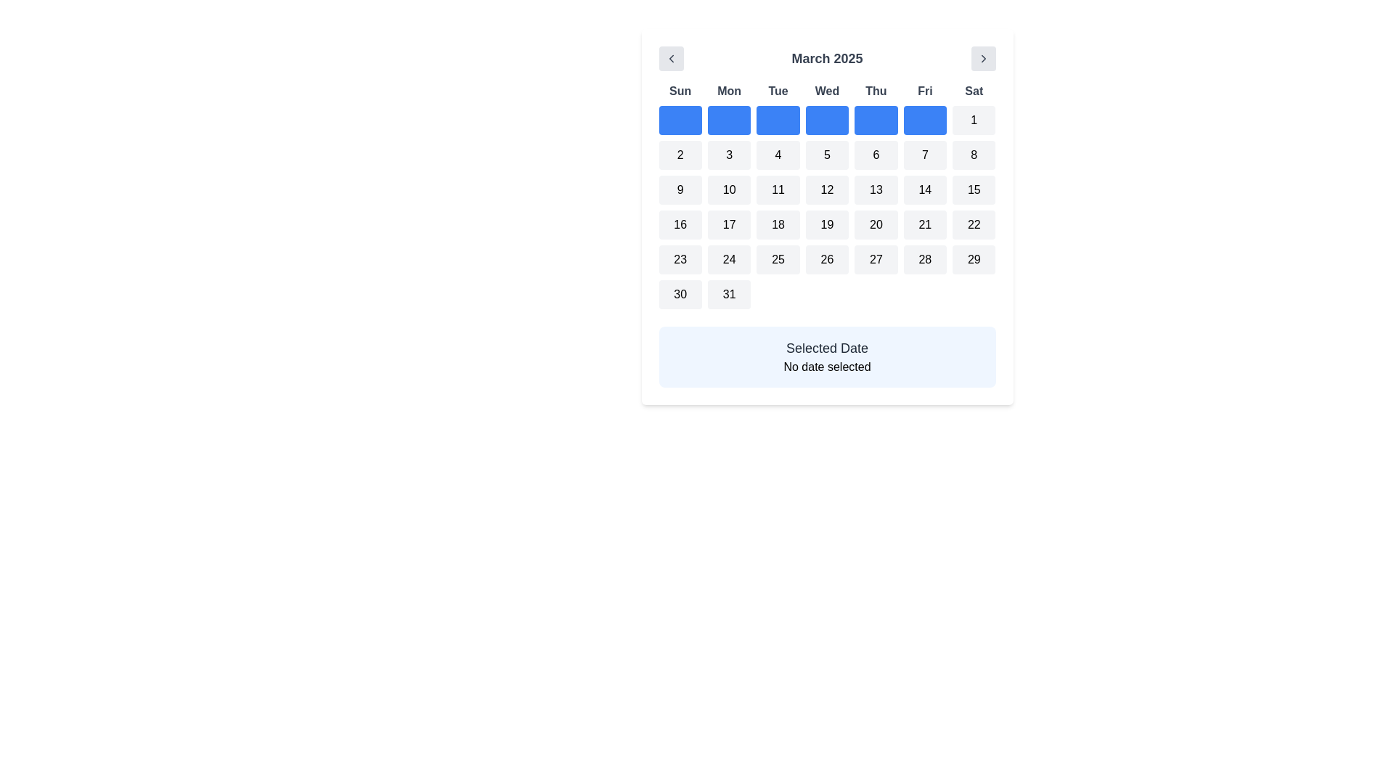  What do you see at coordinates (924, 259) in the screenshot?
I see `the button labeled '28', which is styled with a rounded shape and light gray background` at bounding box center [924, 259].